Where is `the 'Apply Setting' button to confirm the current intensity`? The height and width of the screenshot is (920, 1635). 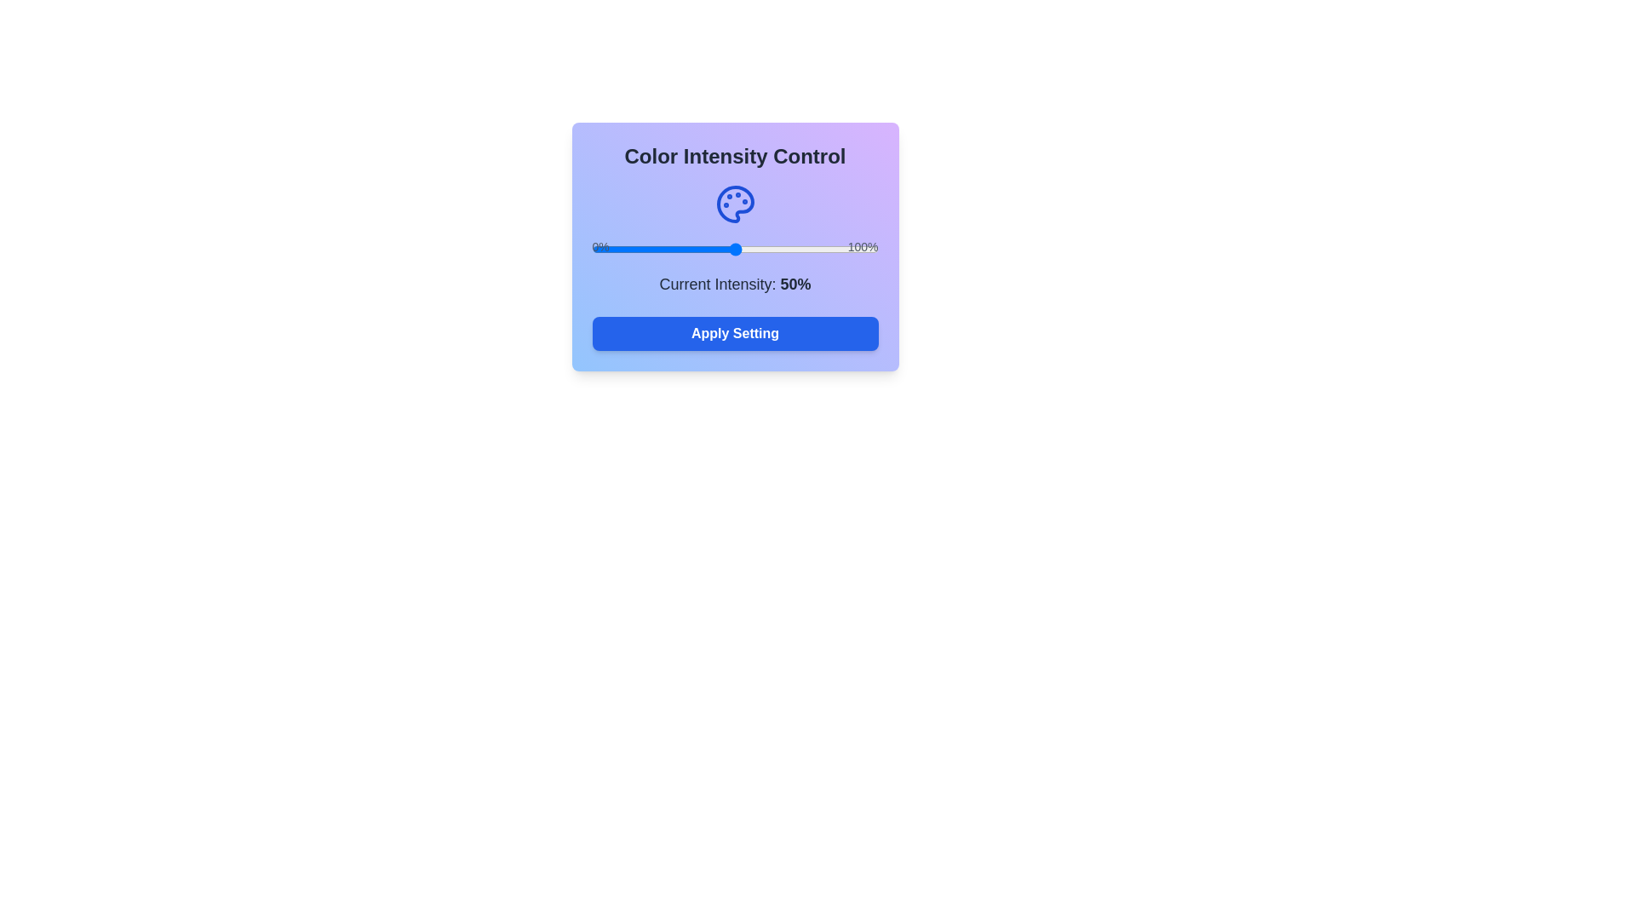 the 'Apply Setting' button to confirm the current intensity is located at coordinates (735, 334).